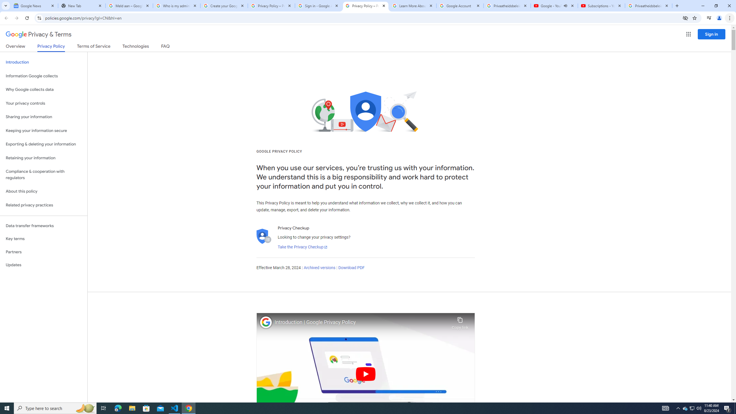  Describe the element at coordinates (43, 131) in the screenshot. I see `'Keeping your information secure'` at that location.